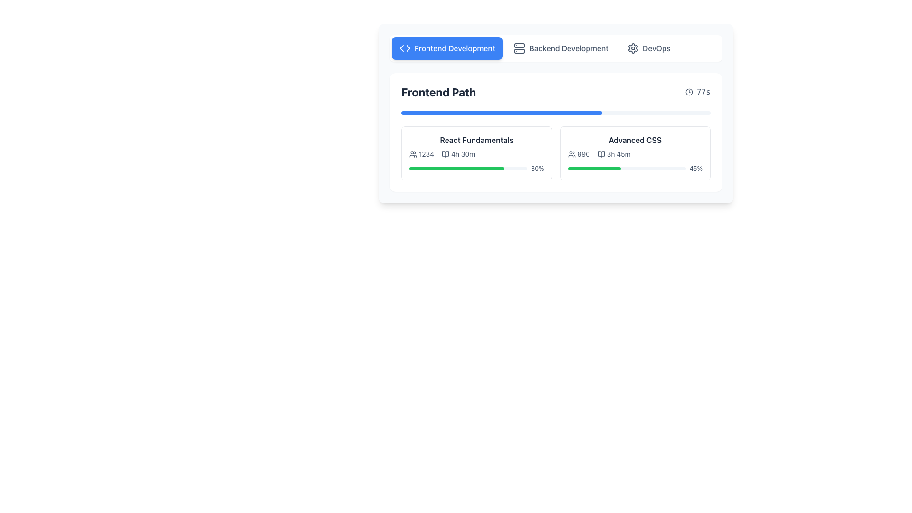  What do you see at coordinates (648, 48) in the screenshot?
I see `the 'DevOps' button, which is a clickable button with a settings icon and labeled 'DevOps', to trigger its hover effect` at bounding box center [648, 48].